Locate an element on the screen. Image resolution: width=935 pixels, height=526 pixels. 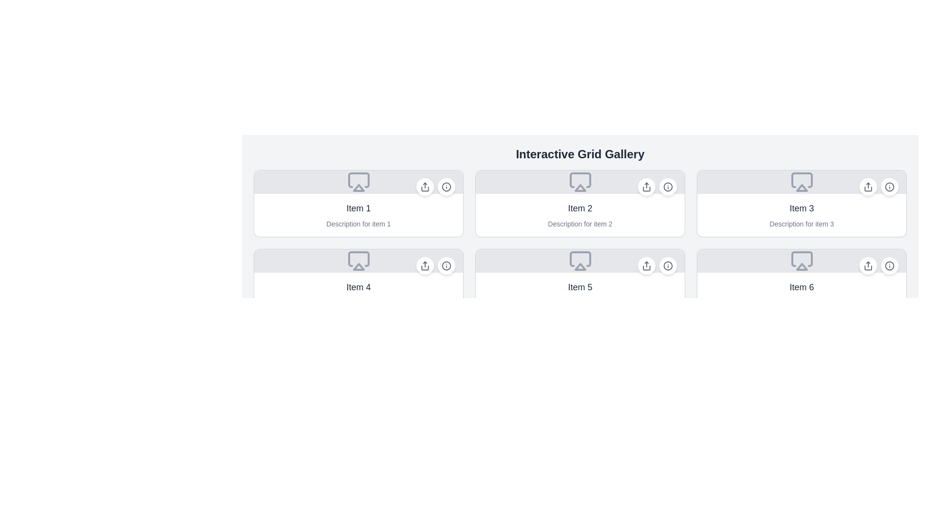
the static text label that serves as a title for the item, located at the top of its section above the text 'Description for item 1' is located at coordinates (358, 208).